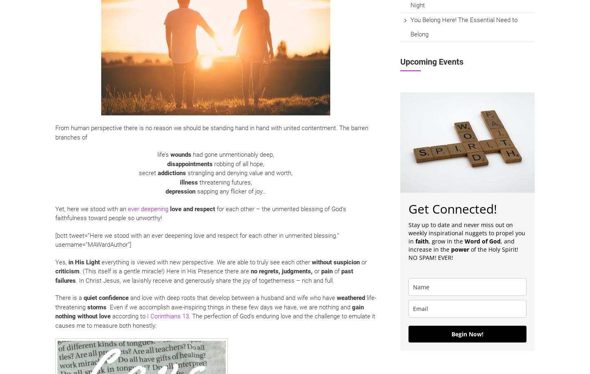 The height and width of the screenshot is (374, 590). I want to click on 'power', so click(460, 249).